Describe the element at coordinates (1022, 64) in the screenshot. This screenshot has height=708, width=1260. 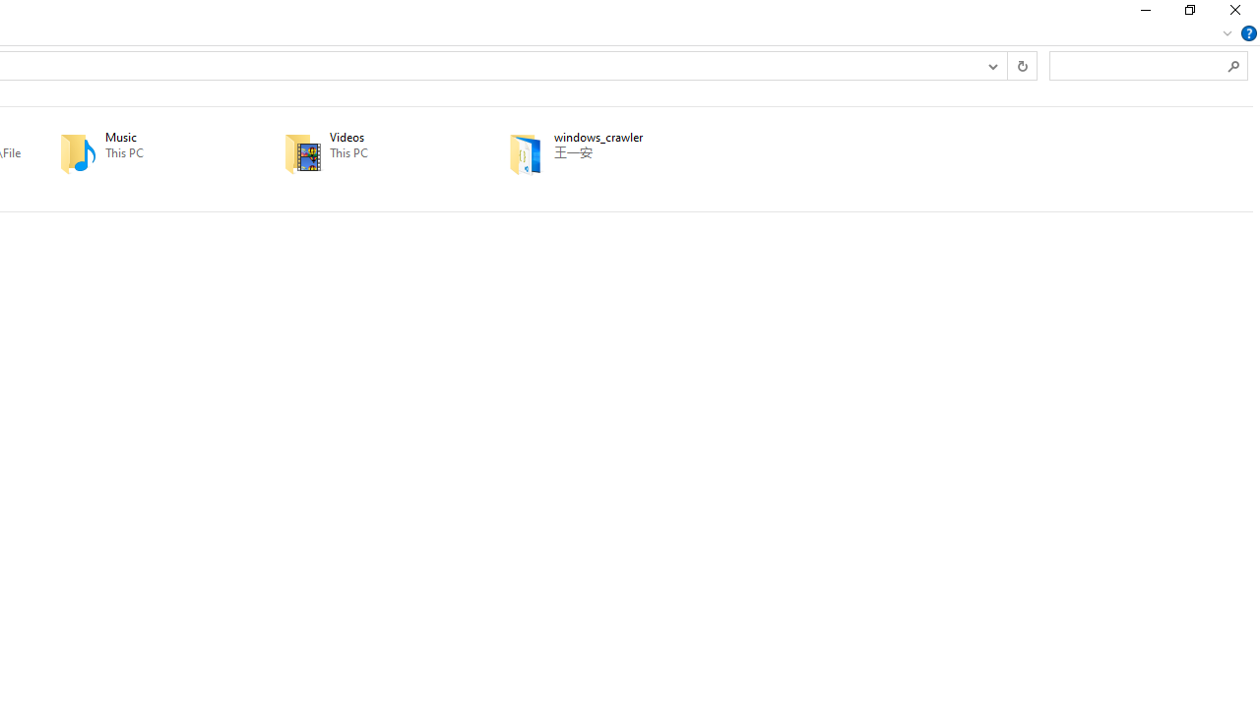
I see `'Refresh "Quick access" (F5)'` at that location.